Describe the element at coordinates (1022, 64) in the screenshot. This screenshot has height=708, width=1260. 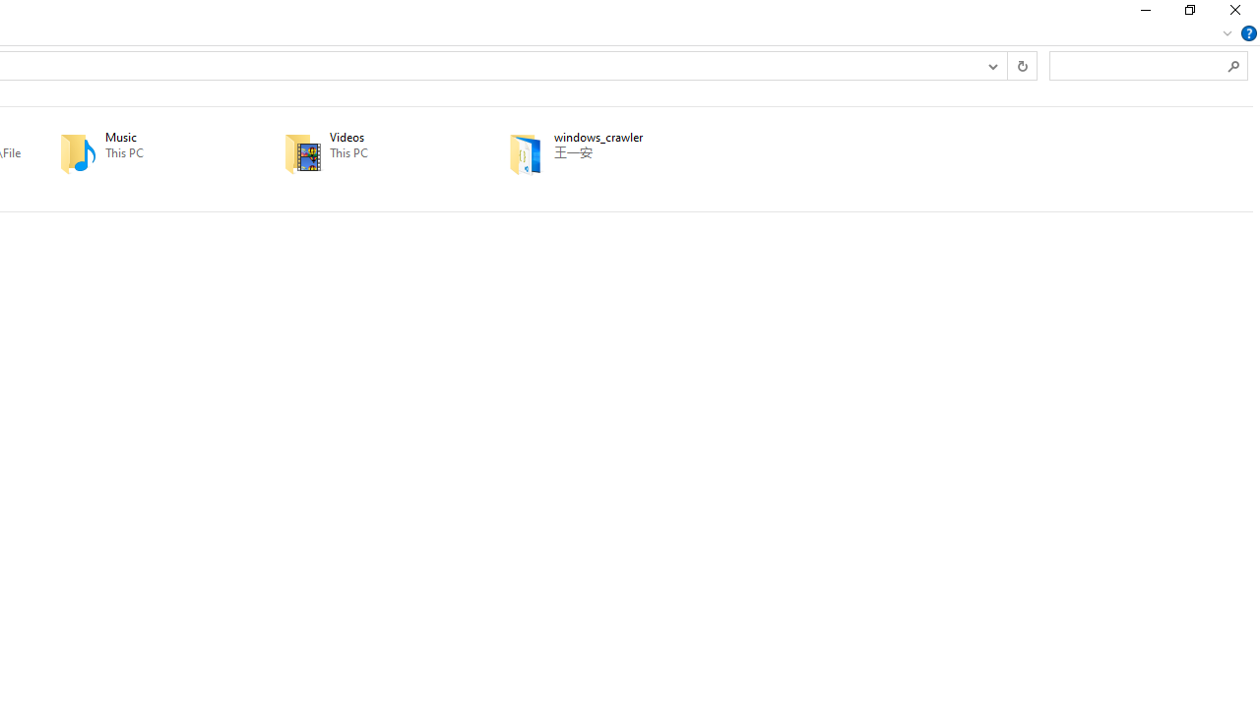
I see `'Refresh "Quick access" (F5)'` at that location.